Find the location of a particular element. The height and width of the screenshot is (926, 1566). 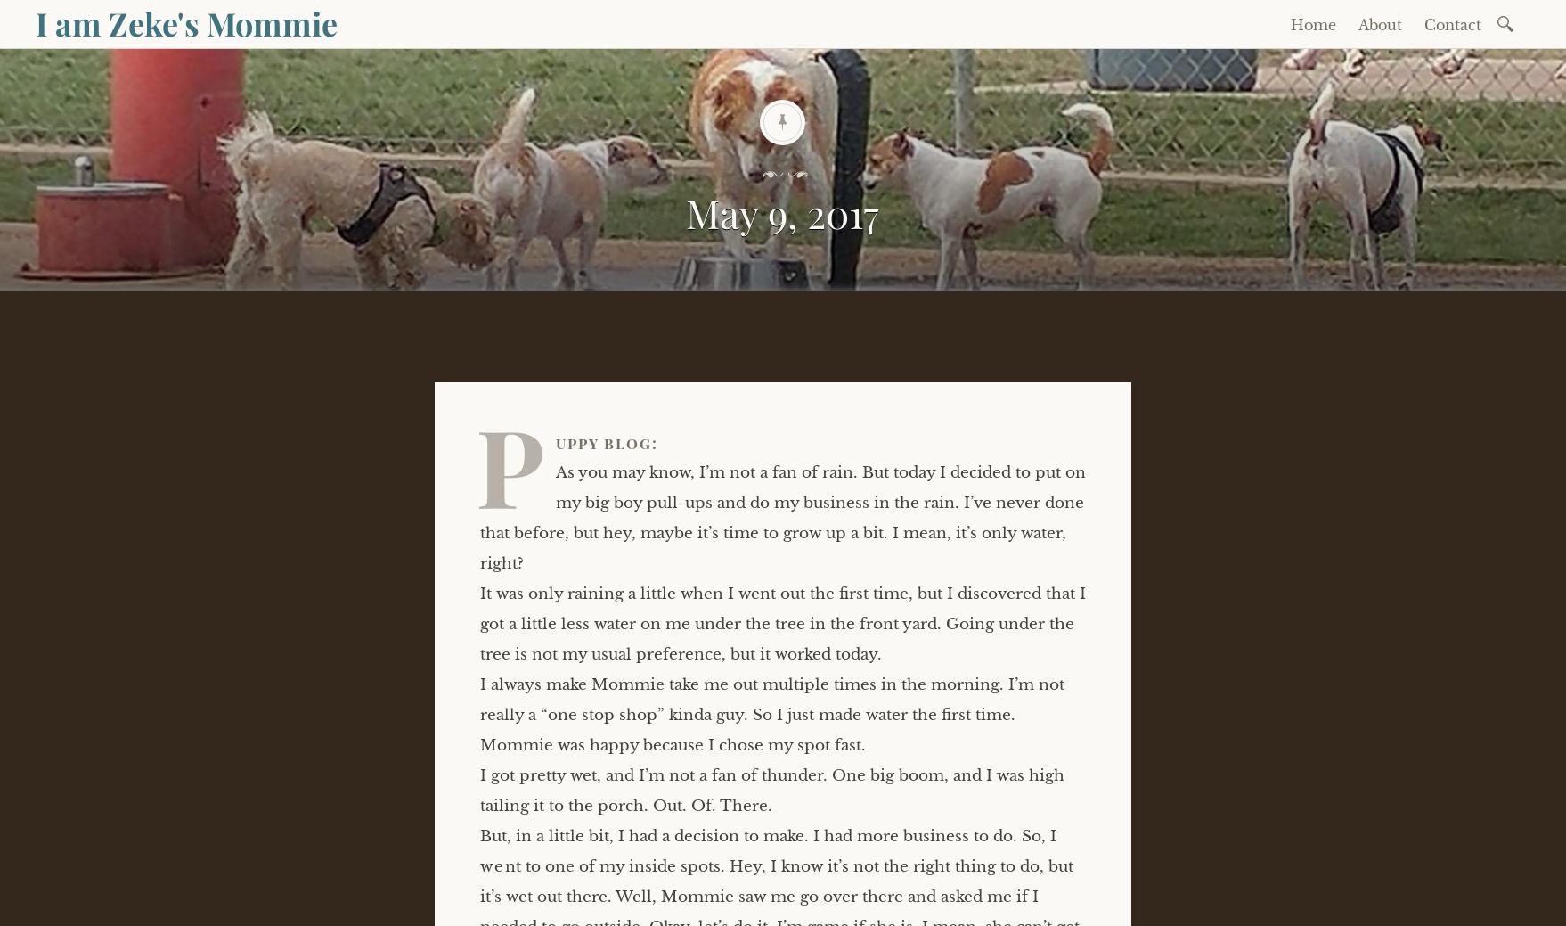

'May 9, 2017' is located at coordinates (685, 211).